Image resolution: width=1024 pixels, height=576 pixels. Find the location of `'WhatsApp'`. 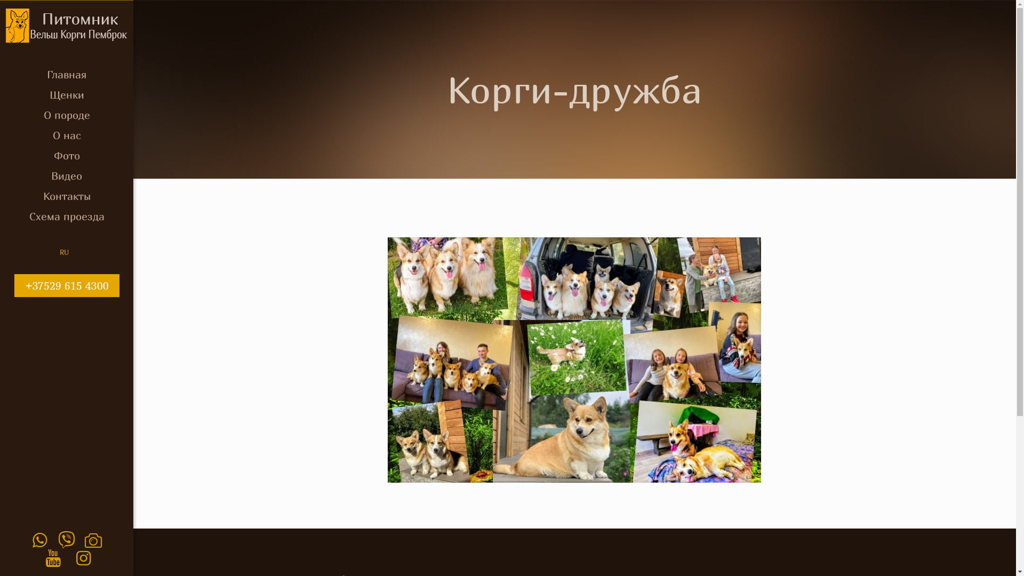

'WhatsApp' is located at coordinates (39, 539).